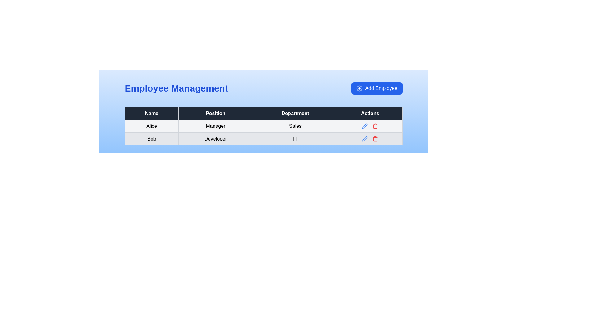 The image size is (595, 335). What do you see at coordinates (152, 114) in the screenshot?
I see `the Table Header Cell that labels the 'Name' column in the table, which is located at the top-left corner of the table` at bounding box center [152, 114].